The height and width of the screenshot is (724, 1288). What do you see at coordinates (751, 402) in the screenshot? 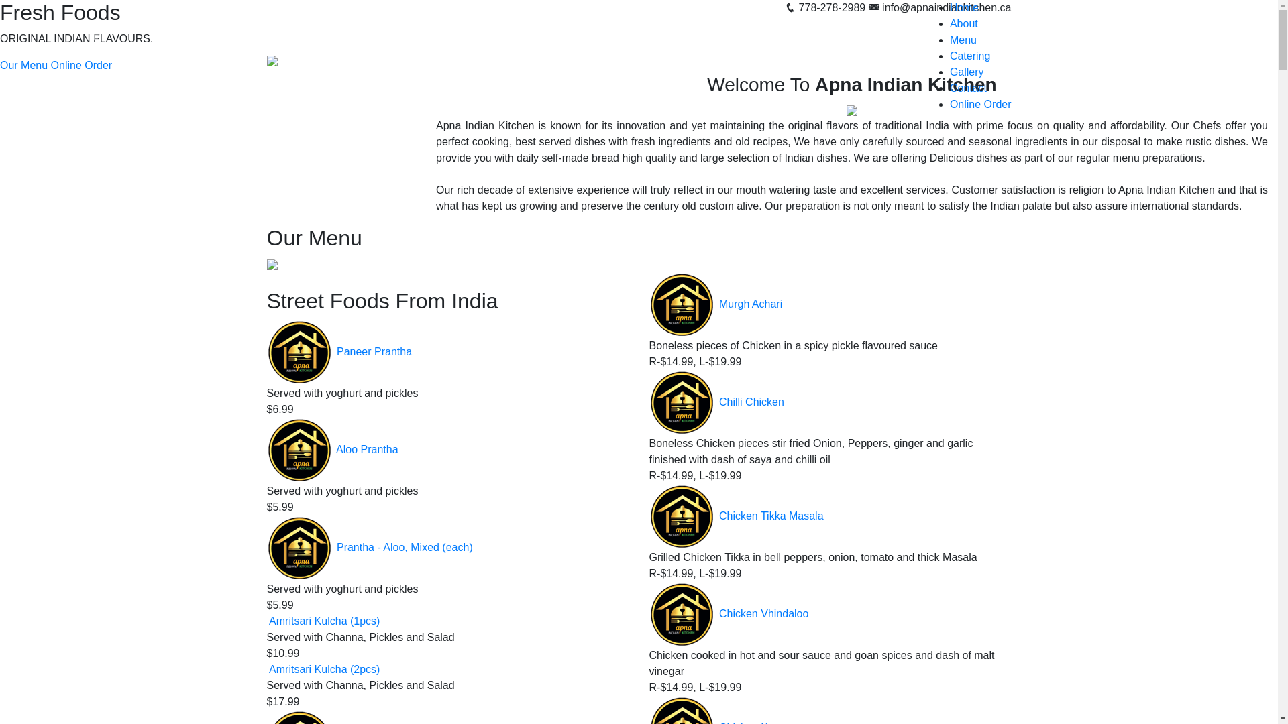
I see `'Chilli Chicken'` at bounding box center [751, 402].